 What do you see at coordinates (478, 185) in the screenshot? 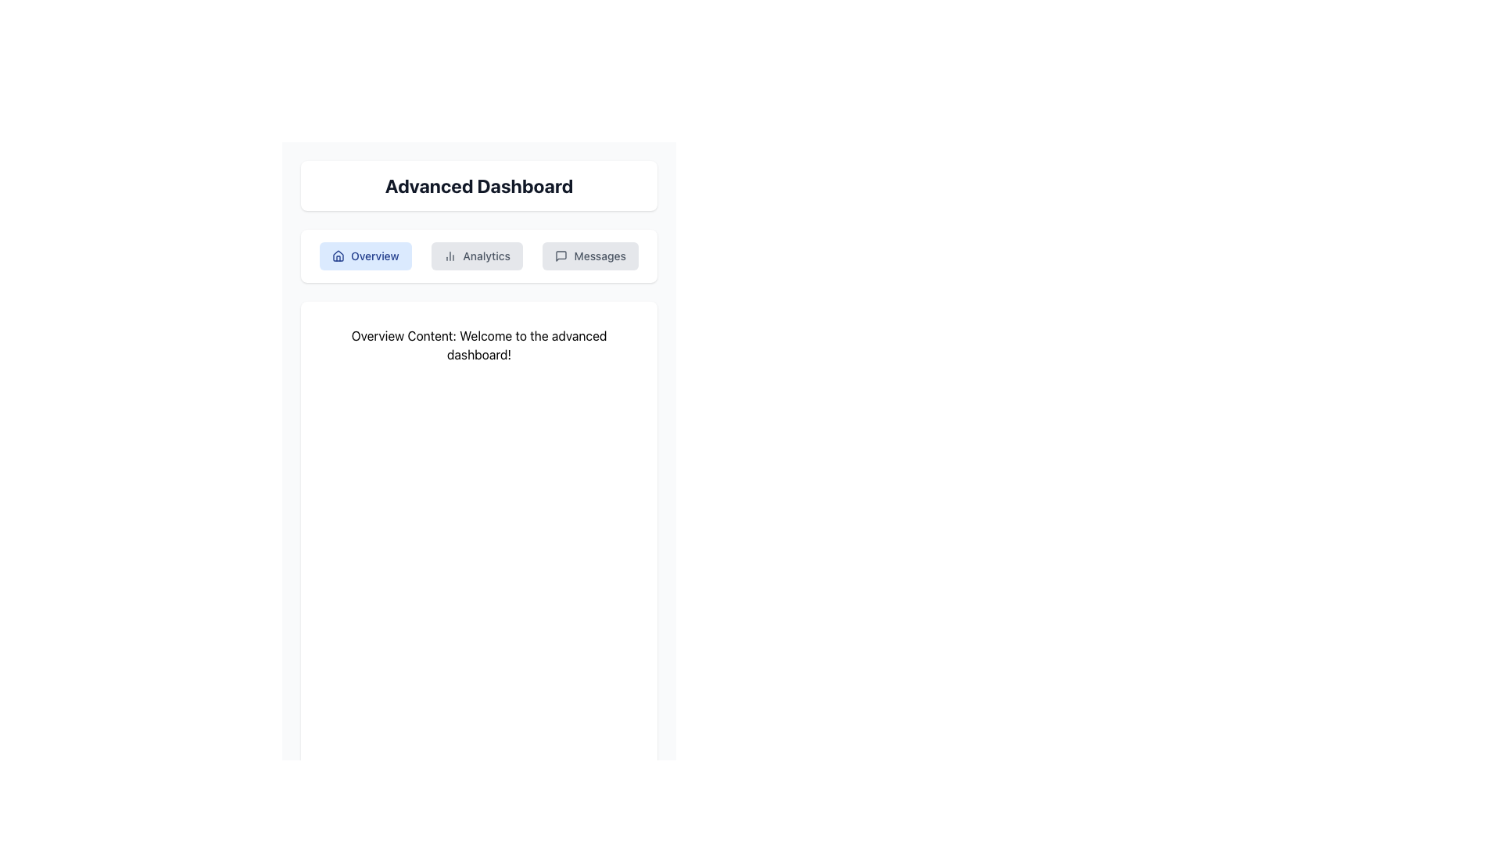
I see `the prominent header text 'Advanced Dashboard' which is styled in a bold, large font and located at the top-central portion of the interface` at bounding box center [478, 185].